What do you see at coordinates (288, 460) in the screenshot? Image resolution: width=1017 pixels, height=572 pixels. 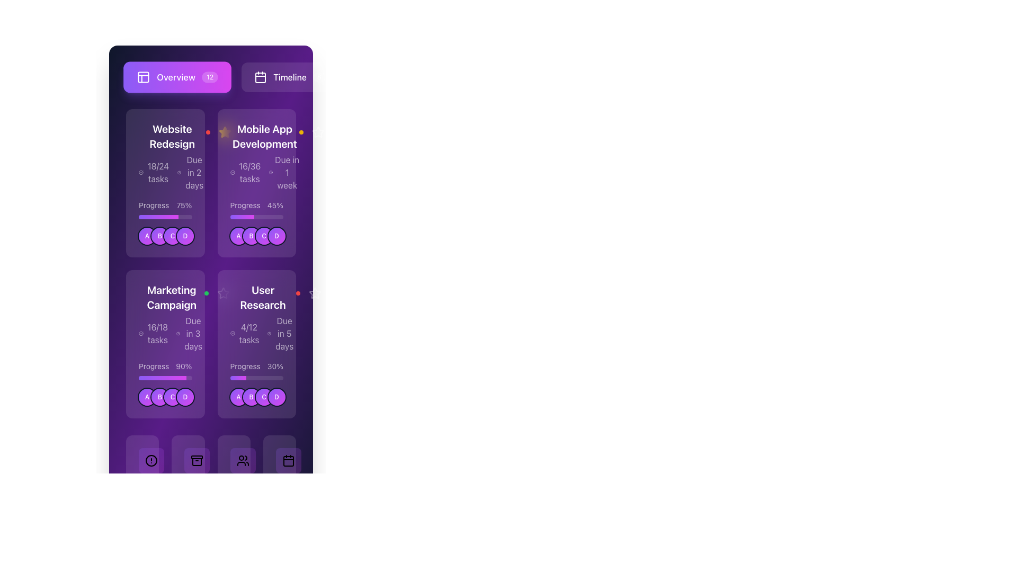 I see `the calendar icon button located at the bottom right corner of the interface` at bounding box center [288, 460].